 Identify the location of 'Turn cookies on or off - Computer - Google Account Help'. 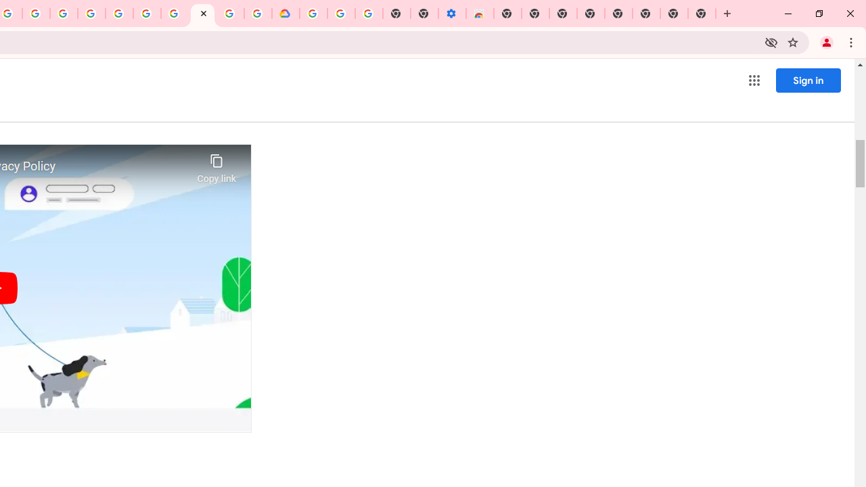
(369, 14).